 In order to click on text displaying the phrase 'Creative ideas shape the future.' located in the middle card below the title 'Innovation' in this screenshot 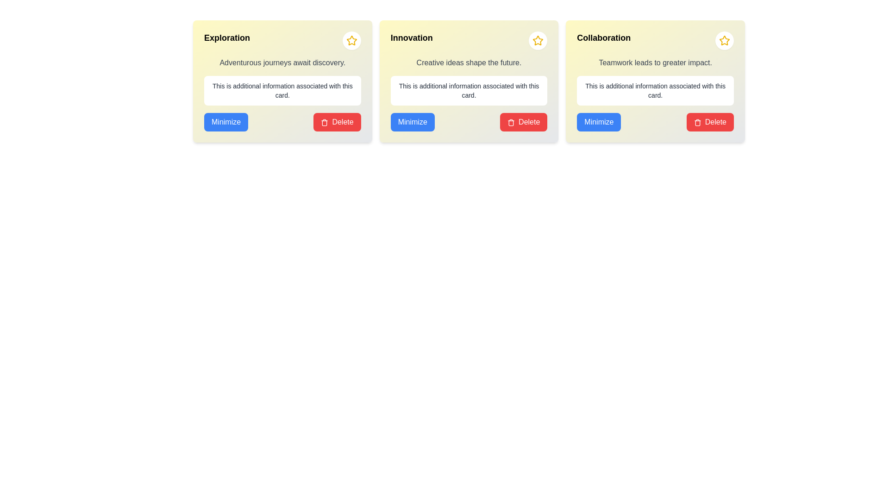, I will do `click(469, 62)`.